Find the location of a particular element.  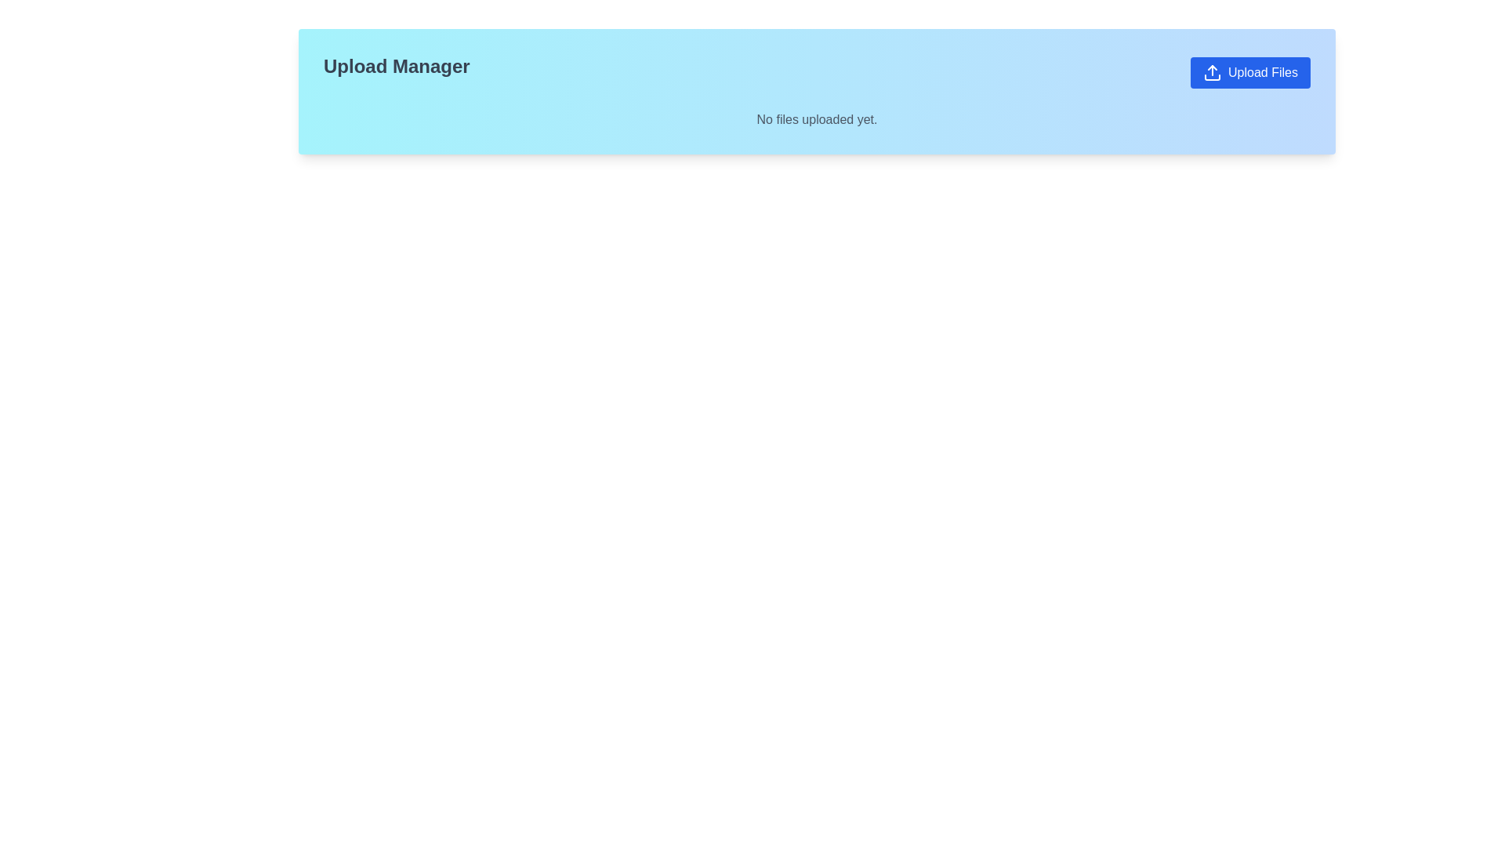

the 'Upload Manager' static text label, which is styled with a bold and large font size in black and positioned over a gradient background is located at coordinates (397, 65).